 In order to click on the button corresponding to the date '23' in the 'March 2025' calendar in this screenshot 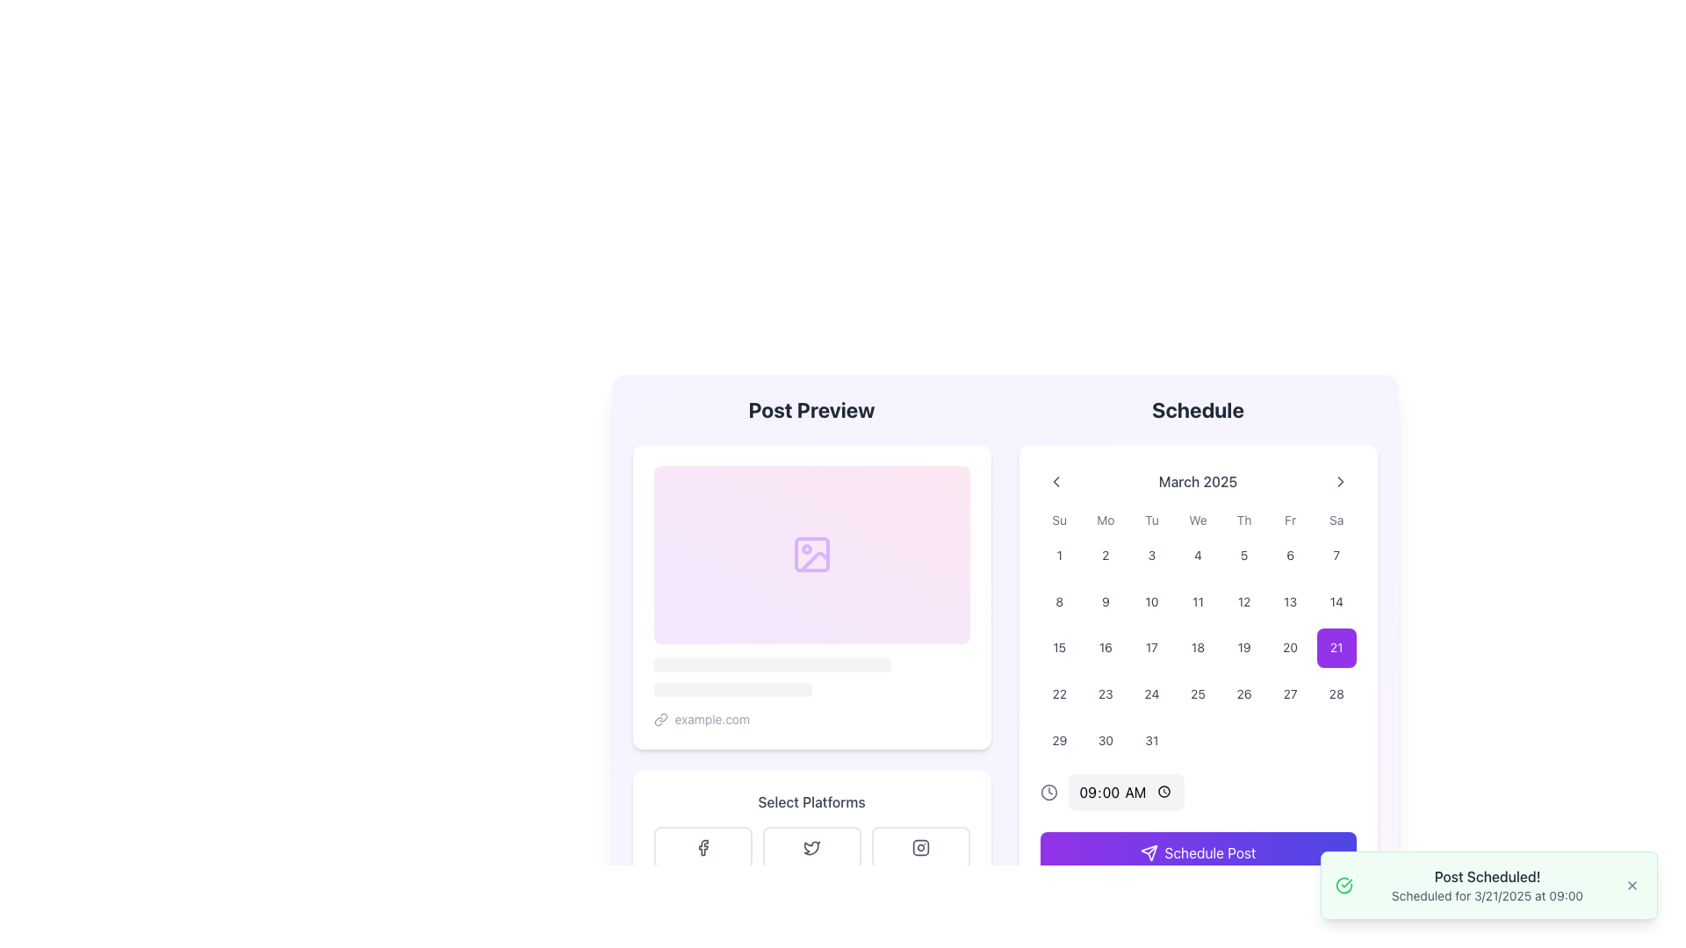, I will do `click(1105, 693)`.